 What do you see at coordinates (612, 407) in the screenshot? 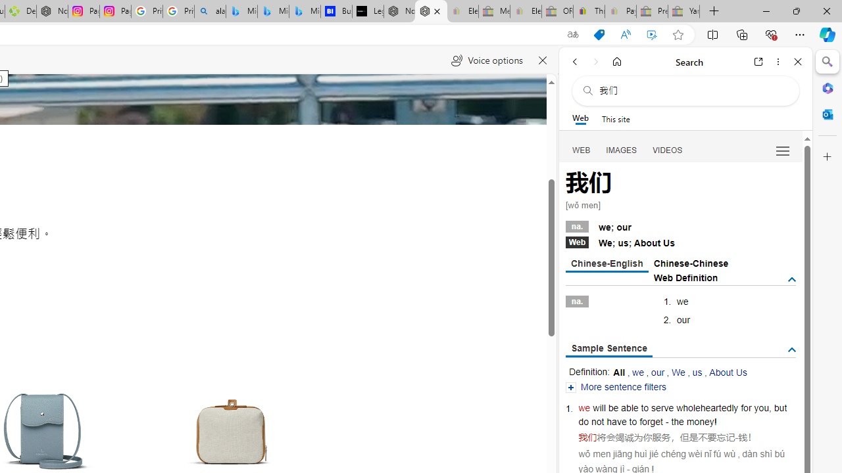
I see `'be'` at bounding box center [612, 407].